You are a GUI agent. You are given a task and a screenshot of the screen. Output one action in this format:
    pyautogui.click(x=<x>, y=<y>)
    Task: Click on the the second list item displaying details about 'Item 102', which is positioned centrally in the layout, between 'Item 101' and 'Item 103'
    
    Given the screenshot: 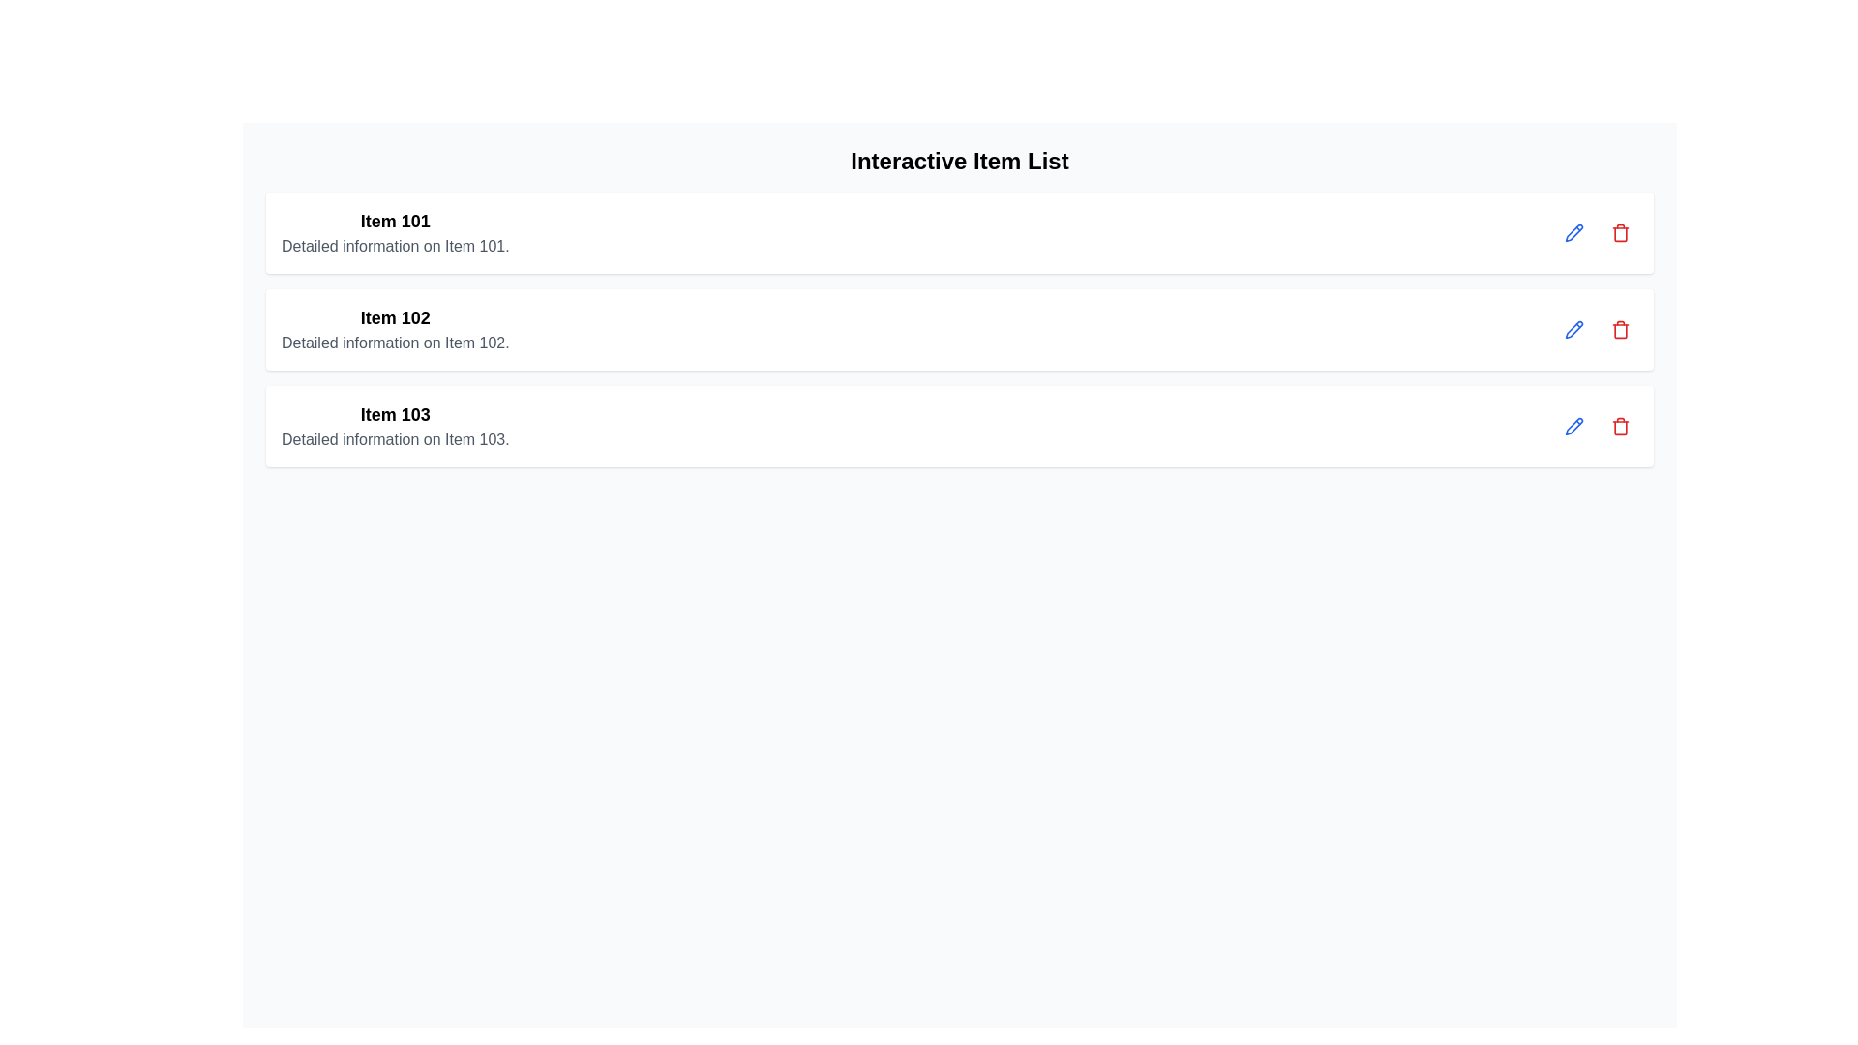 What is the action you would take?
    pyautogui.click(x=960, y=328)
    